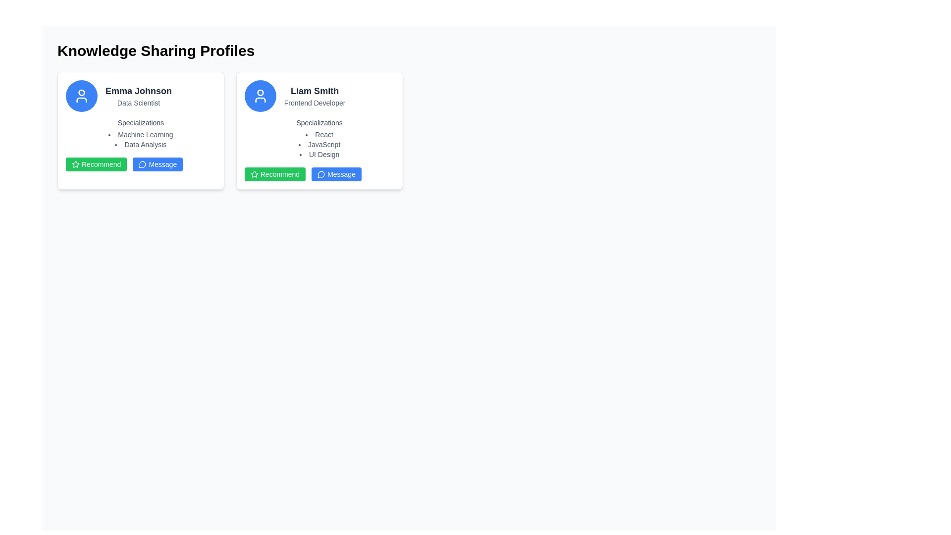  I want to click on the outlined star icon used for ratings, located to the left of the 'Recommend' text within the 'Recommend' button on Emma Johnson's profile card, so click(75, 163).